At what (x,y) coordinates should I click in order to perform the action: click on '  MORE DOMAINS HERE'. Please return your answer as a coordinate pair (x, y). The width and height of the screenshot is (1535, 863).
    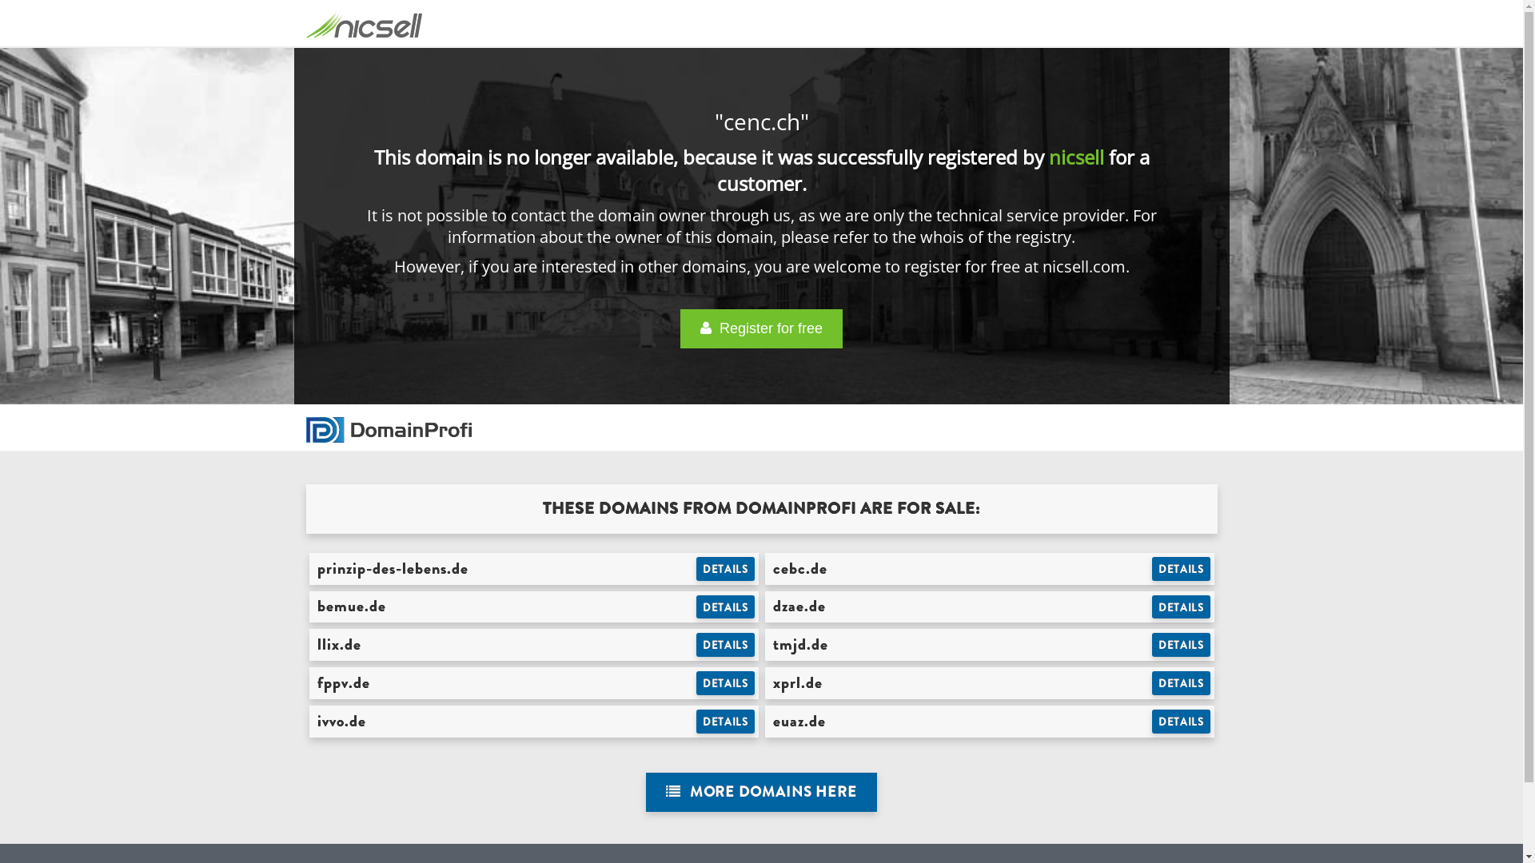
    Looking at the image, I should click on (760, 792).